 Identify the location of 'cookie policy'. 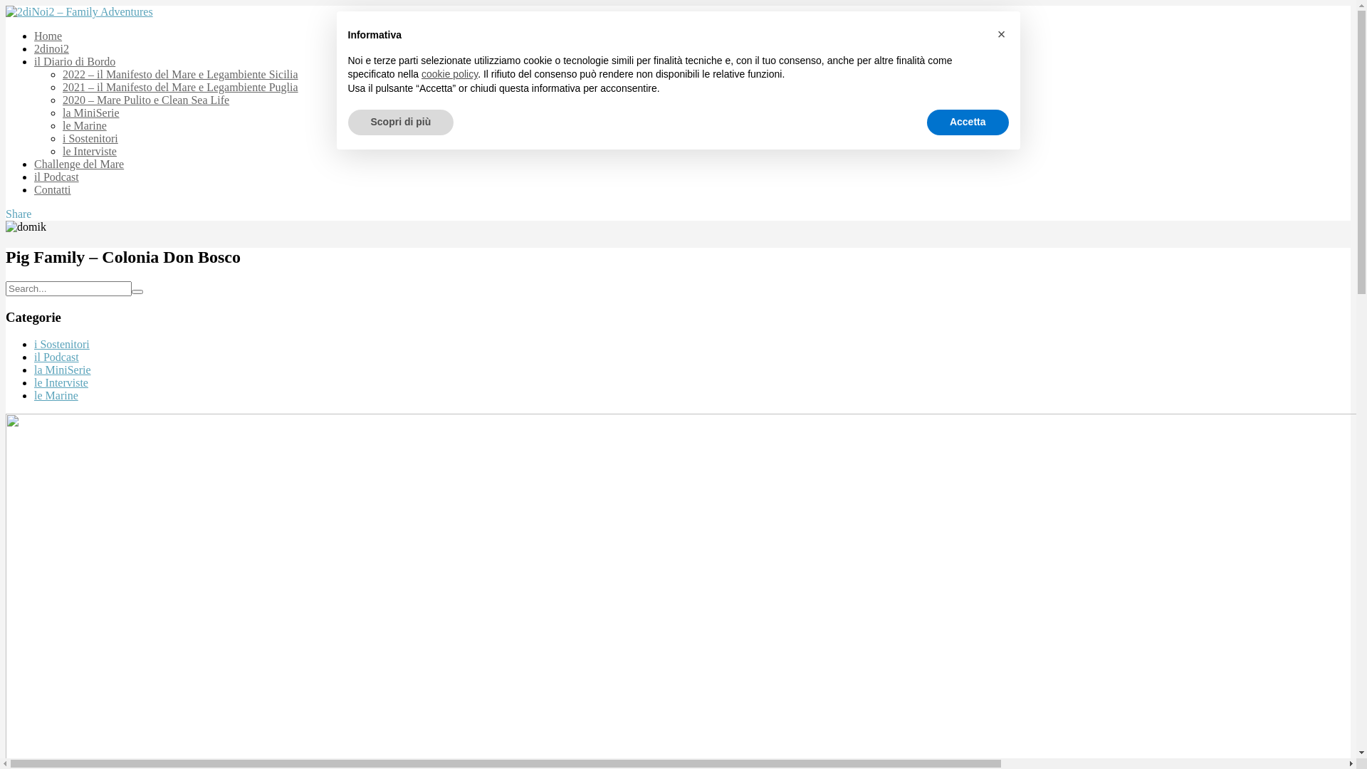
(449, 74).